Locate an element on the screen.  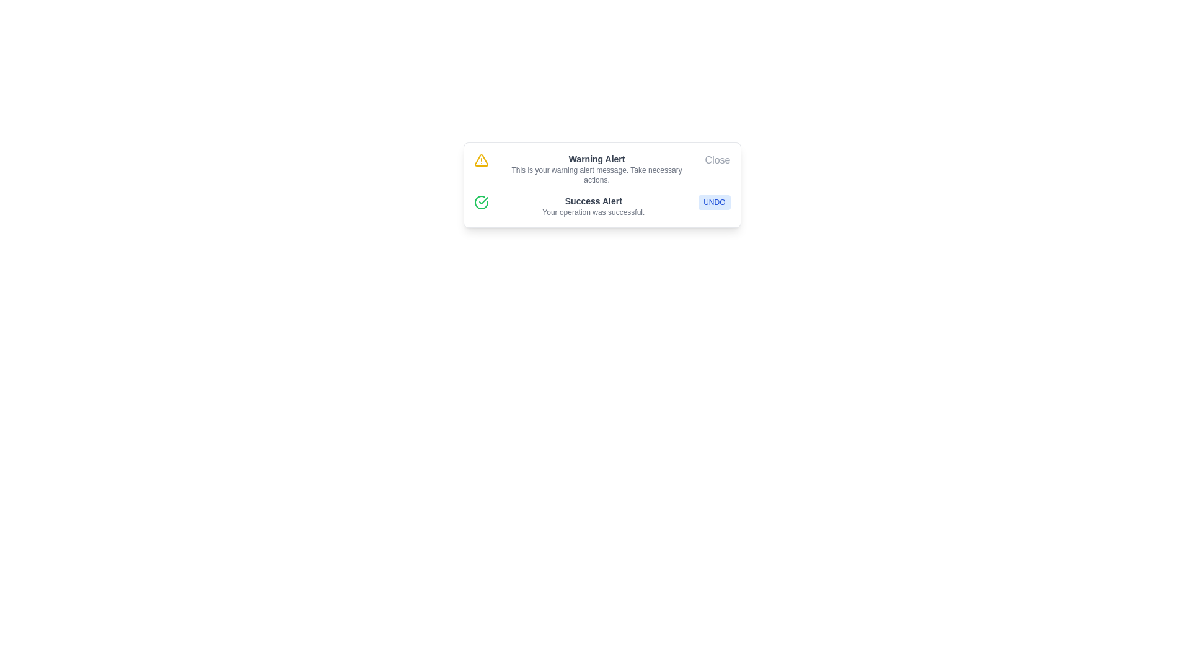
the success icon located in the left part of the 'Success Alert' section, just to the left of the text 'Success Alert' is located at coordinates (480, 202).